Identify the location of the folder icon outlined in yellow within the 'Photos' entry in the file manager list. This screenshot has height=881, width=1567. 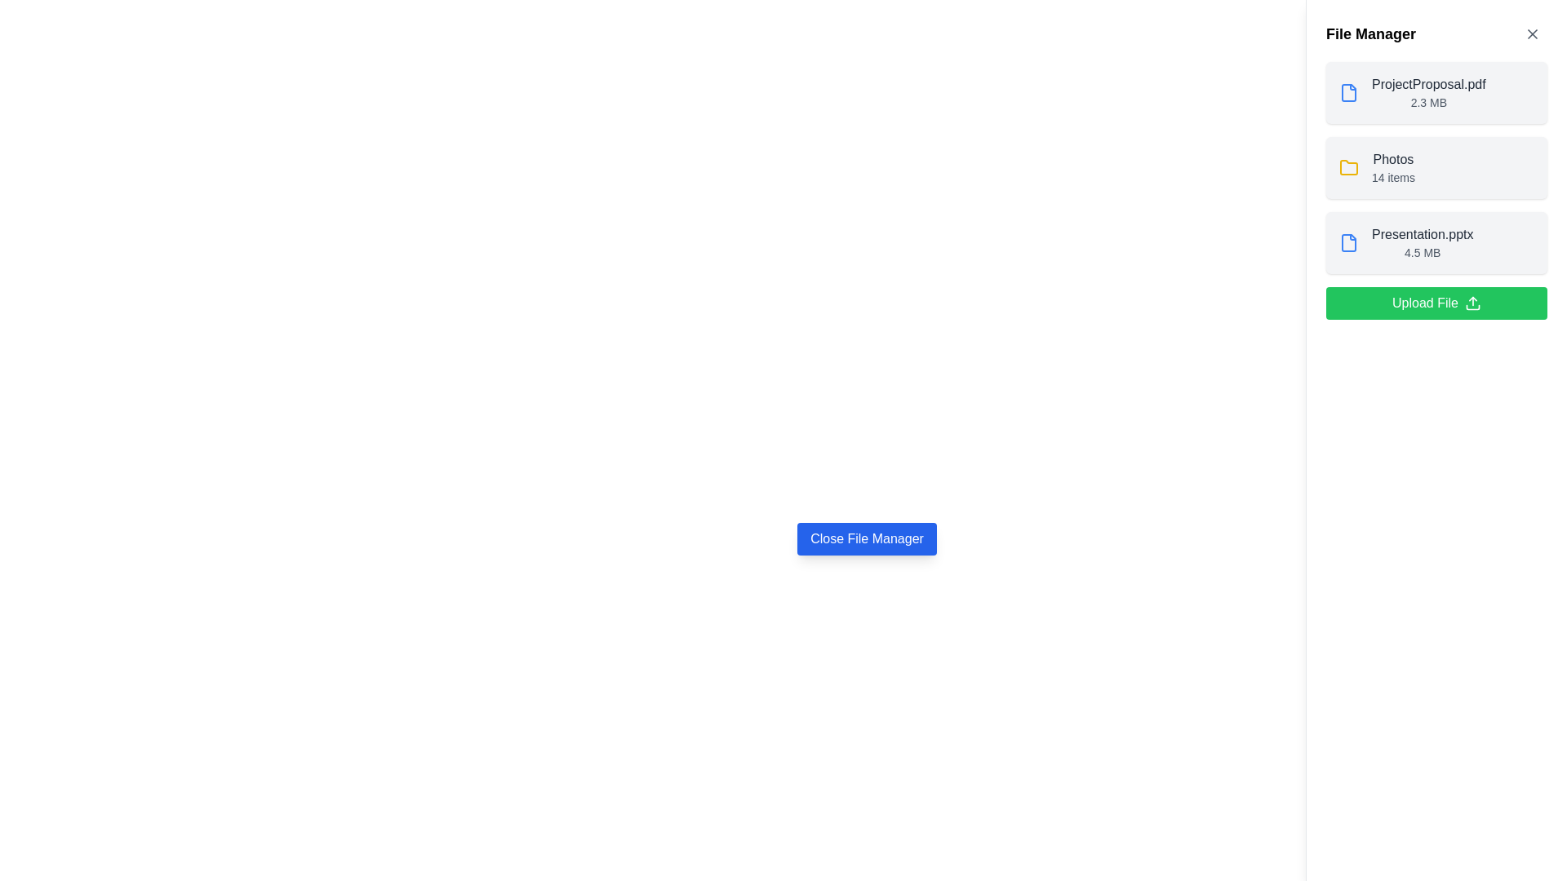
(1348, 167).